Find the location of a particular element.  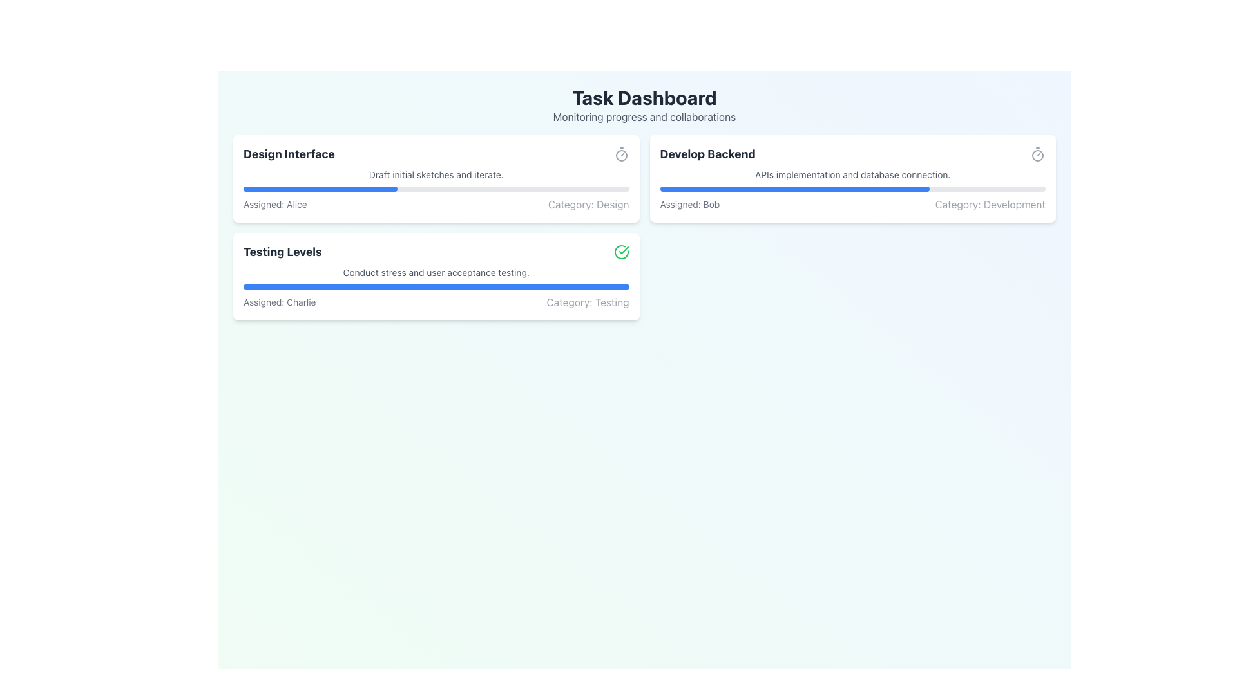

the gray text label that reads 'Assigned: Charlie' located in the bottom-left section of the 'Testing Levels' task card is located at coordinates (279, 302).